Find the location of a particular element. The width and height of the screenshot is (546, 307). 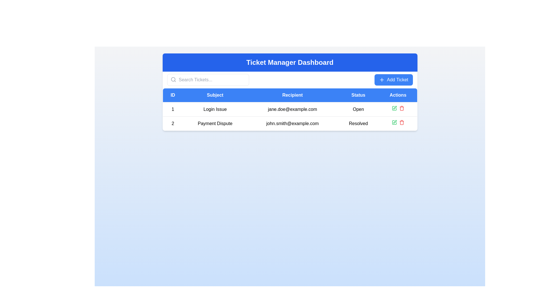

the 'Payment Dispute' text label located in the 'Subject' column of the second row of the table, which is centered within its cell is located at coordinates (215, 123).